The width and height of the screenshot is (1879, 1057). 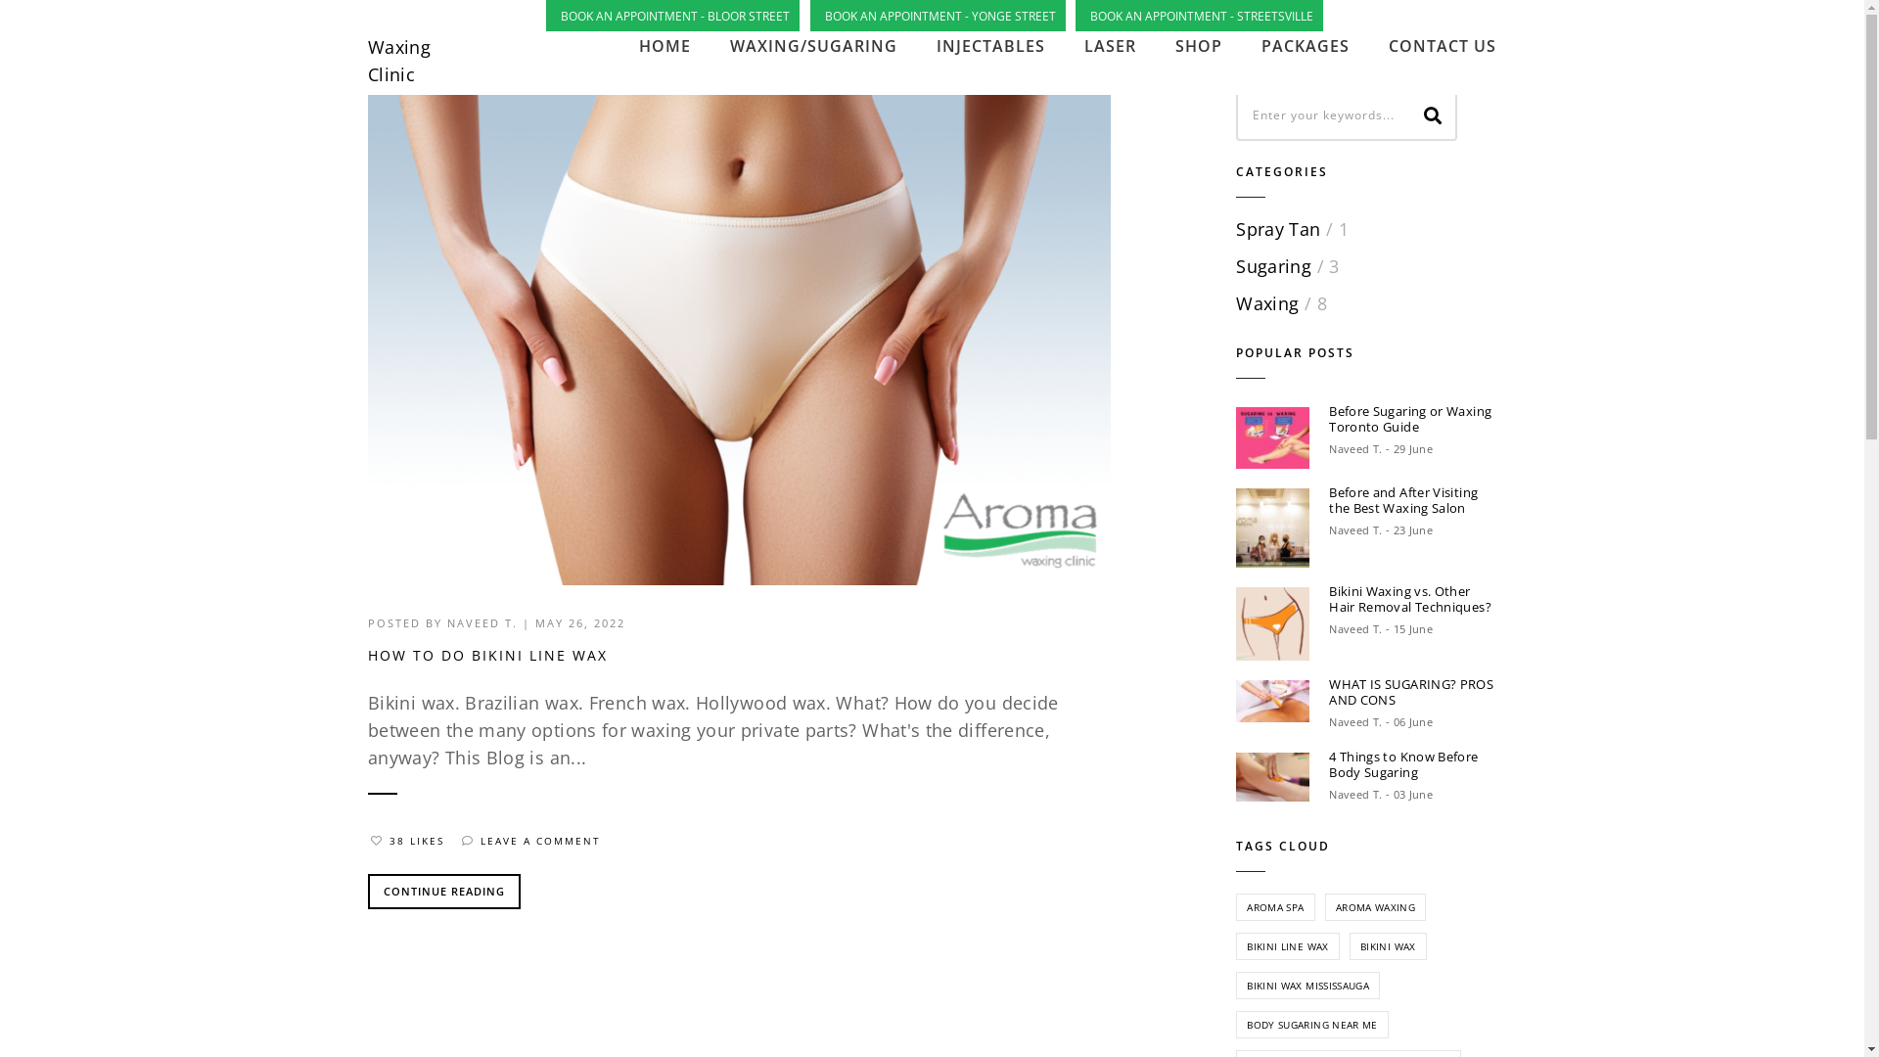 I want to click on 'WHAT IS SUGARING? PROS AND CONS', so click(x=1412, y=690).